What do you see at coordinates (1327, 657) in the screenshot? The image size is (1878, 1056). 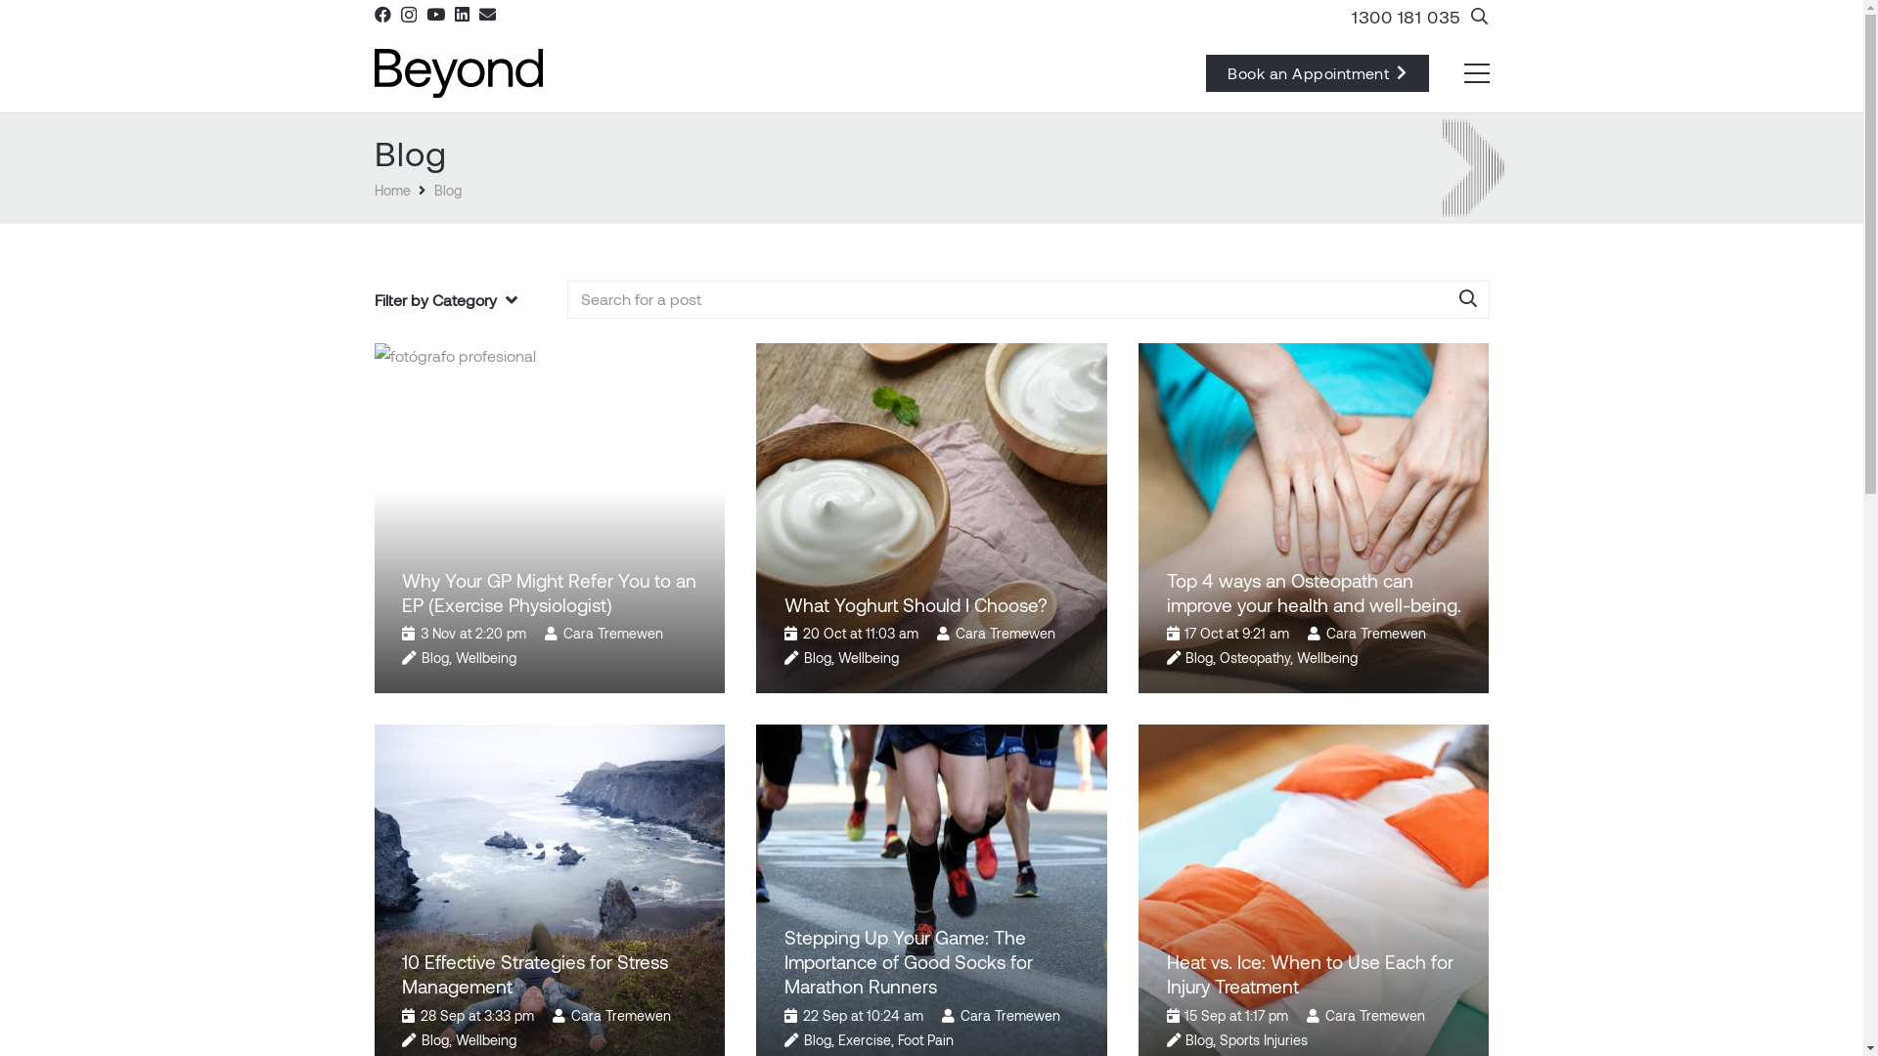 I see `'Wellbeing'` at bounding box center [1327, 657].